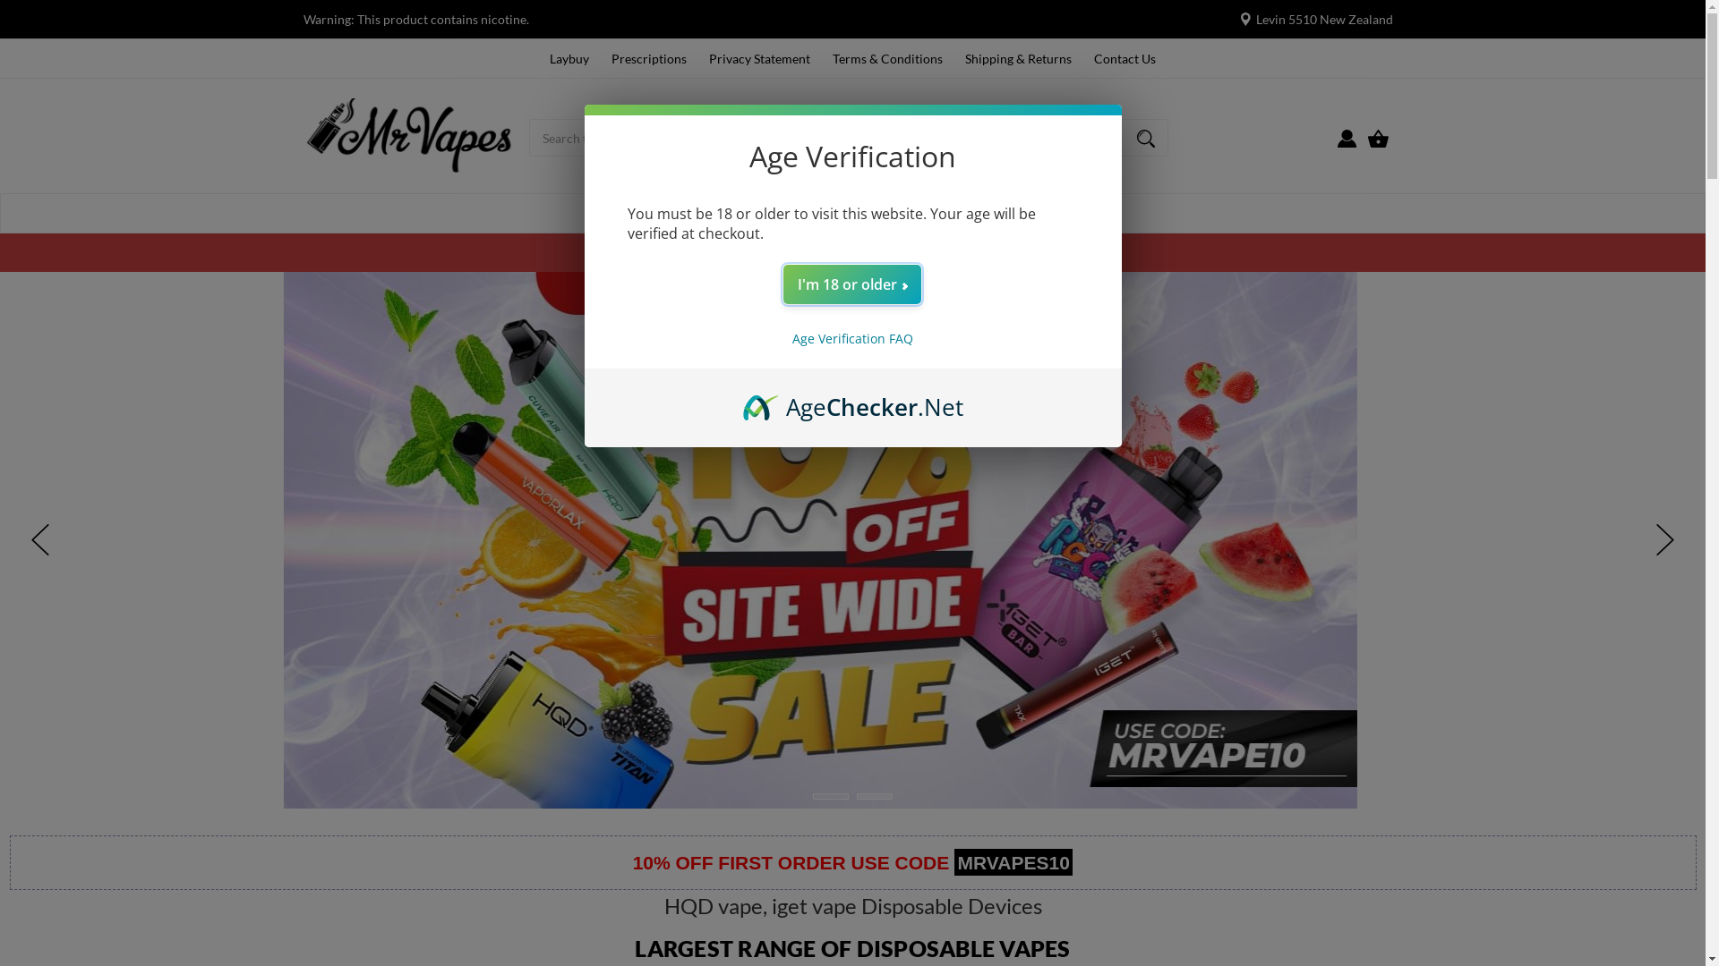  What do you see at coordinates (629, 212) in the screenshot?
I see `'Home'` at bounding box center [629, 212].